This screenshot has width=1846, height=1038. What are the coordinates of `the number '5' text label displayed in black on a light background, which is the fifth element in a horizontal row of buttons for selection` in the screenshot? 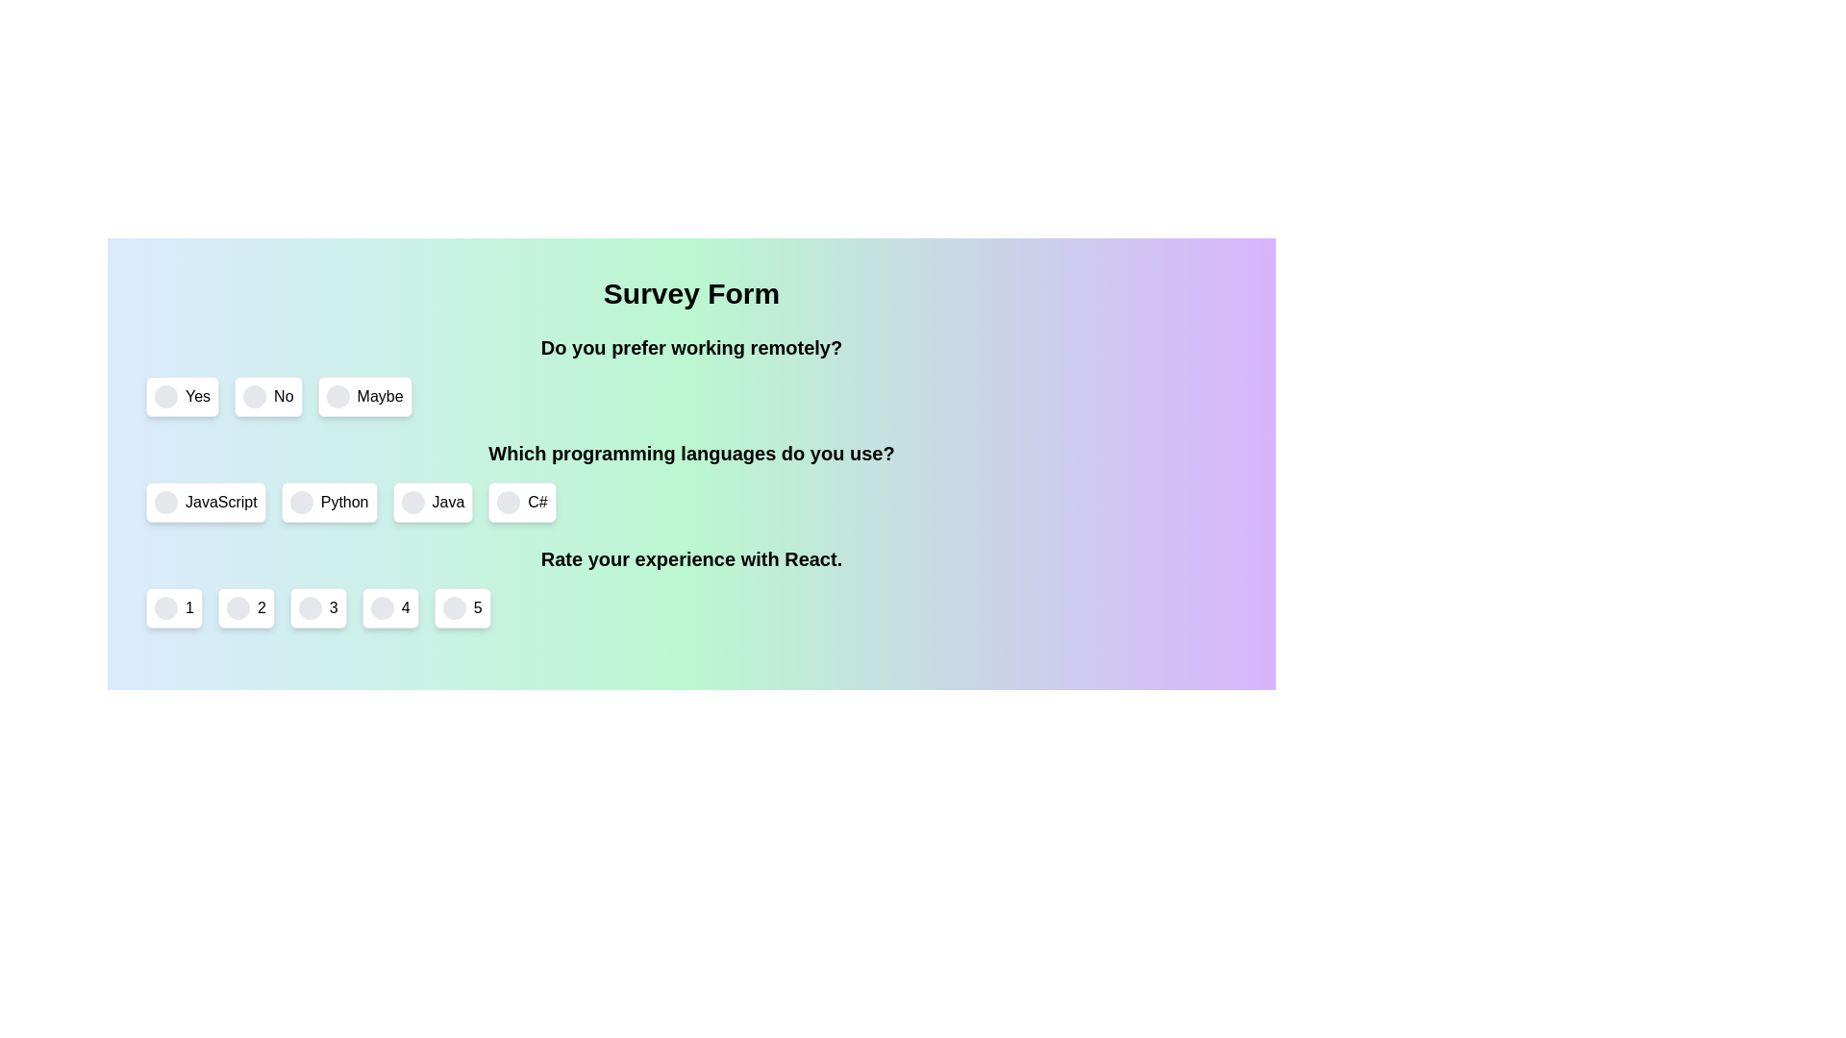 It's located at (478, 607).